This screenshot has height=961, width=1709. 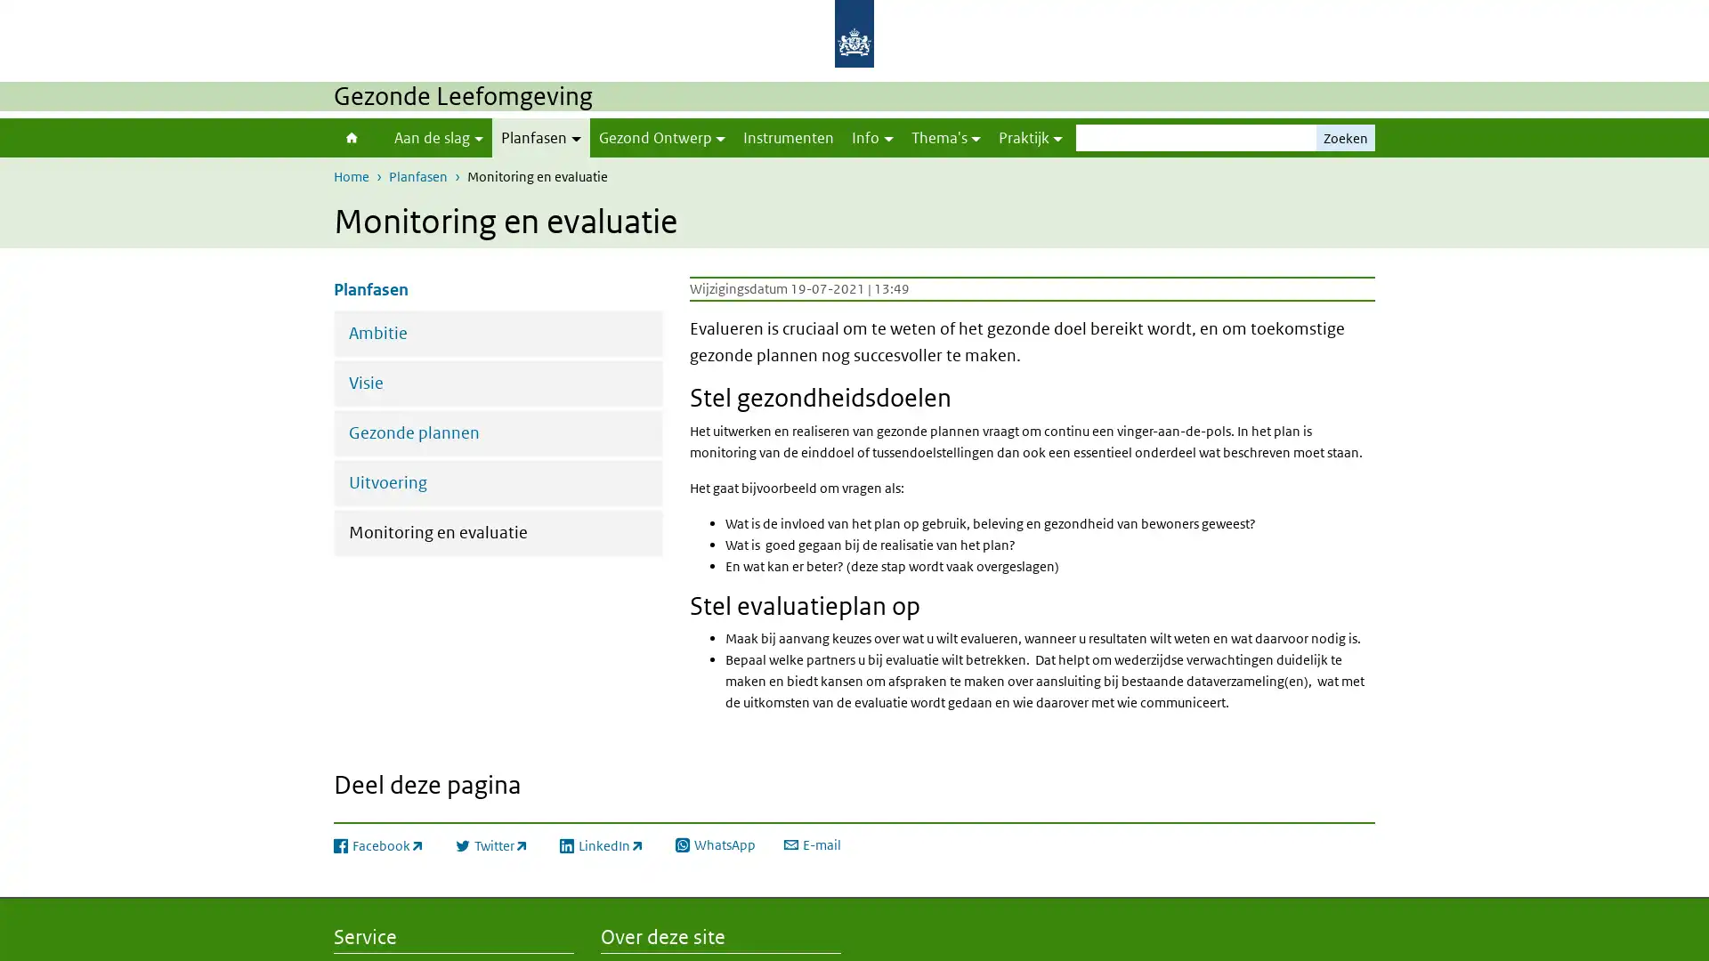 What do you see at coordinates (1346, 136) in the screenshot?
I see `Zoeken` at bounding box center [1346, 136].